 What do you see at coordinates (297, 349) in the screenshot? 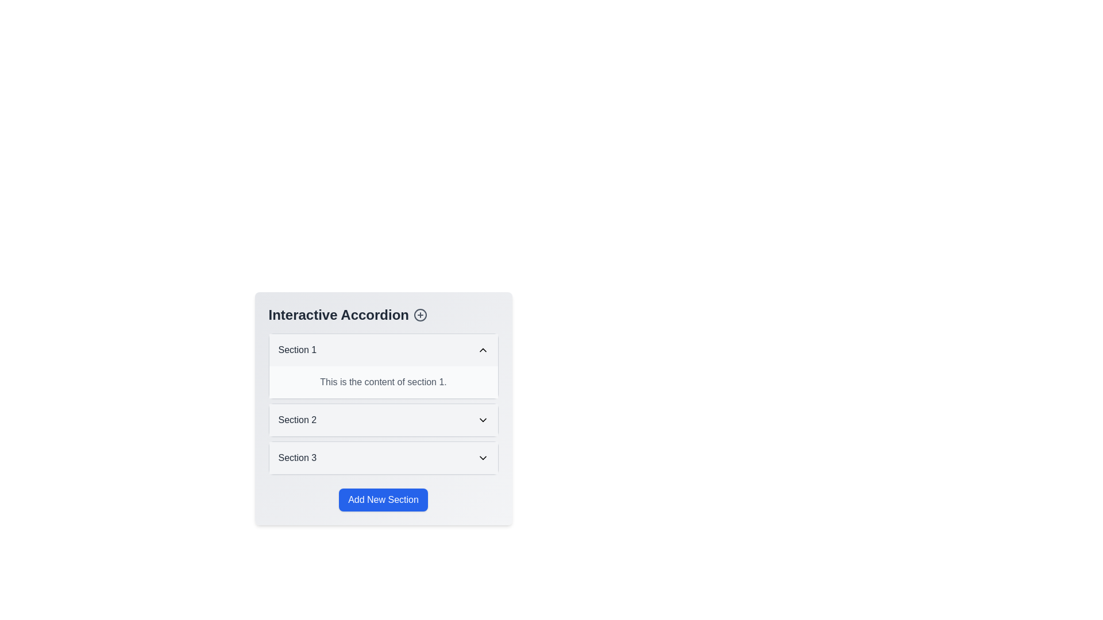
I see `text from the Text Label that serves as a title or description for the first section of the accordion, positioned at the top-left corner and left-aligned with the adjacent chevron icon` at bounding box center [297, 349].